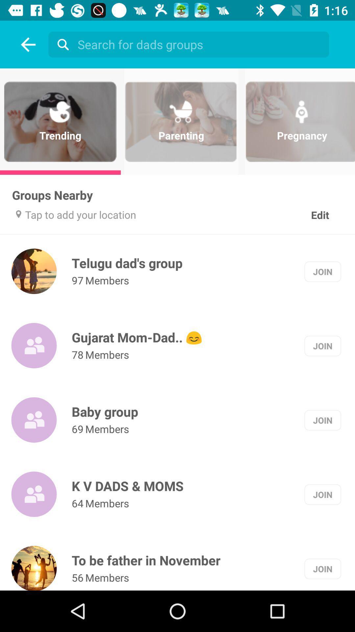  What do you see at coordinates (77, 577) in the screenshot?
I see `the 56 item` at bounding box center [77, 577].